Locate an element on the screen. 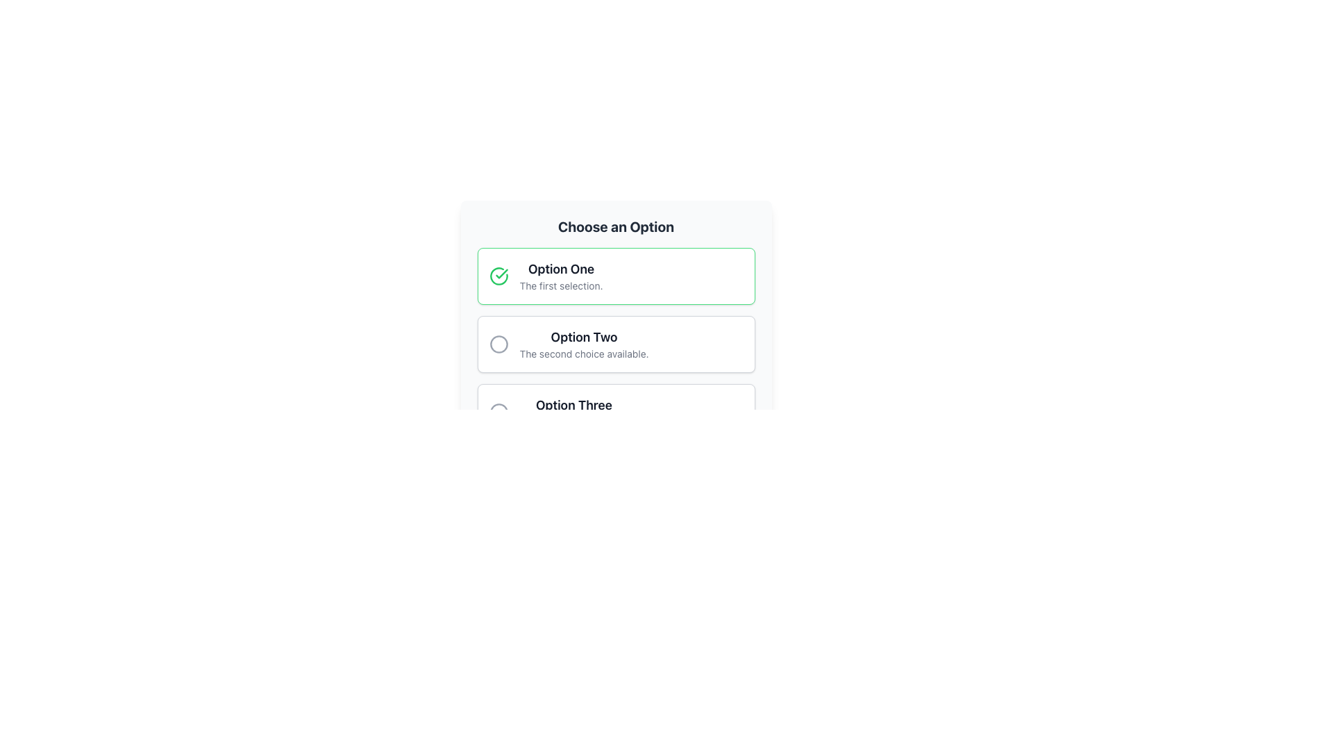  the state of the green circular icon with a check mark located to the left of 'Option One' is located at coordinates (498, 276).